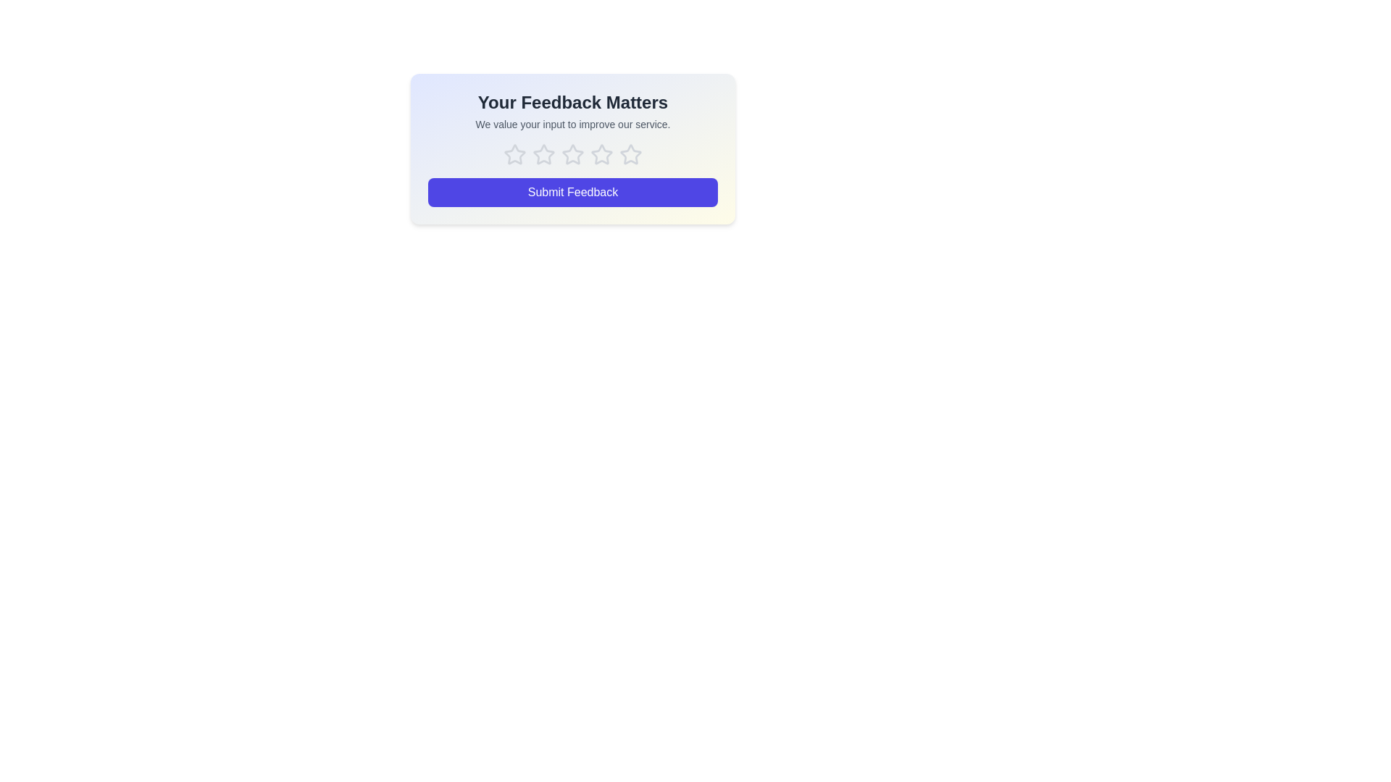 The height and width of the screenshot is (782, 1391). I want to click on the interactive components within the feedback card that is centered horizontally and positioned a quarter down from the top edge of the viewport, so click(572, 148).